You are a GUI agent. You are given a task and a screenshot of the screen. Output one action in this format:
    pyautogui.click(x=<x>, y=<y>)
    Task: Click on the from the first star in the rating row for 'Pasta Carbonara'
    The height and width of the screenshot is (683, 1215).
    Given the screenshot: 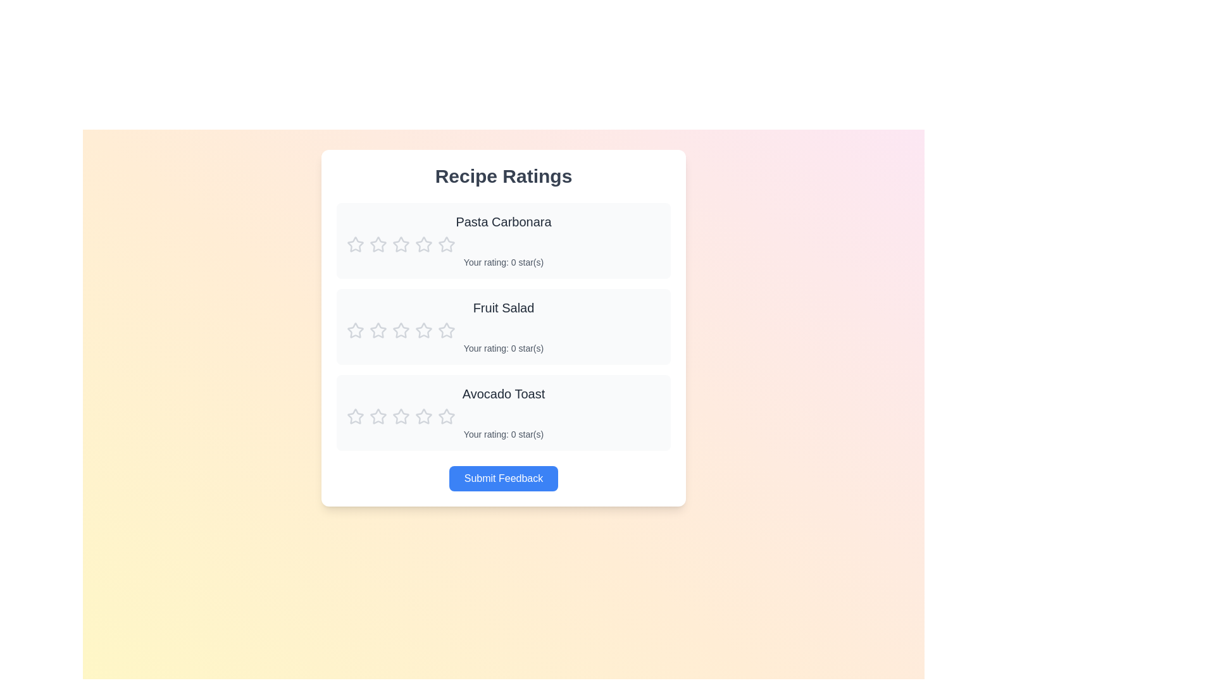 What is the action you would take?
    pyautogui.click(x=354, y=244)
    